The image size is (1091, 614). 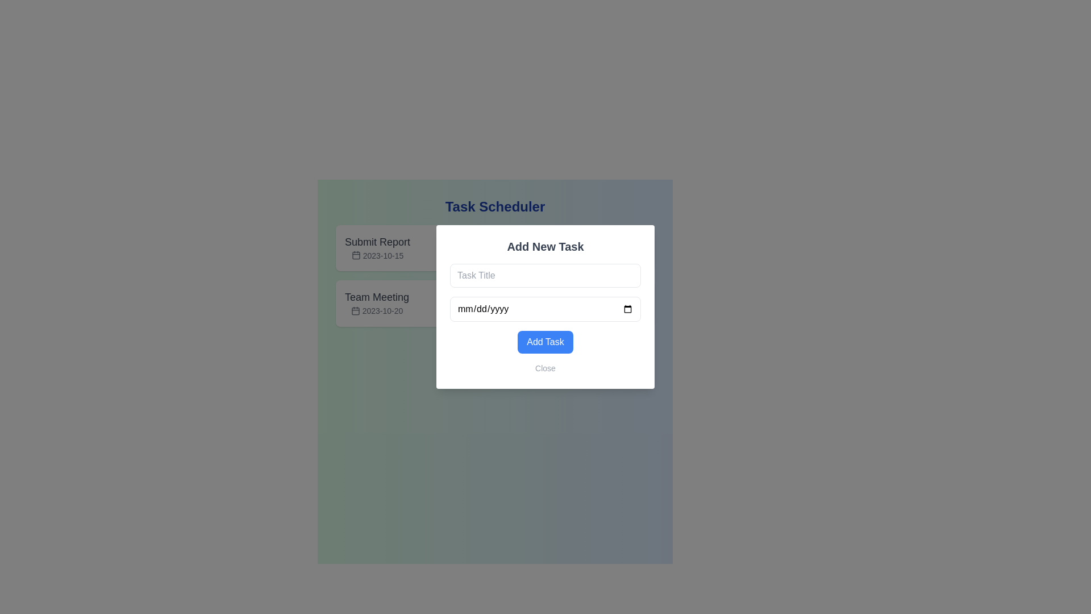 What do you see at coordinates (377, 311) in the screenshot?
I see `the textual date representation located below the 'Team Meeting' label, which is styled in a smaller font size and accompanied by a small calendar icon to its left` at bounding box center [377, 311].